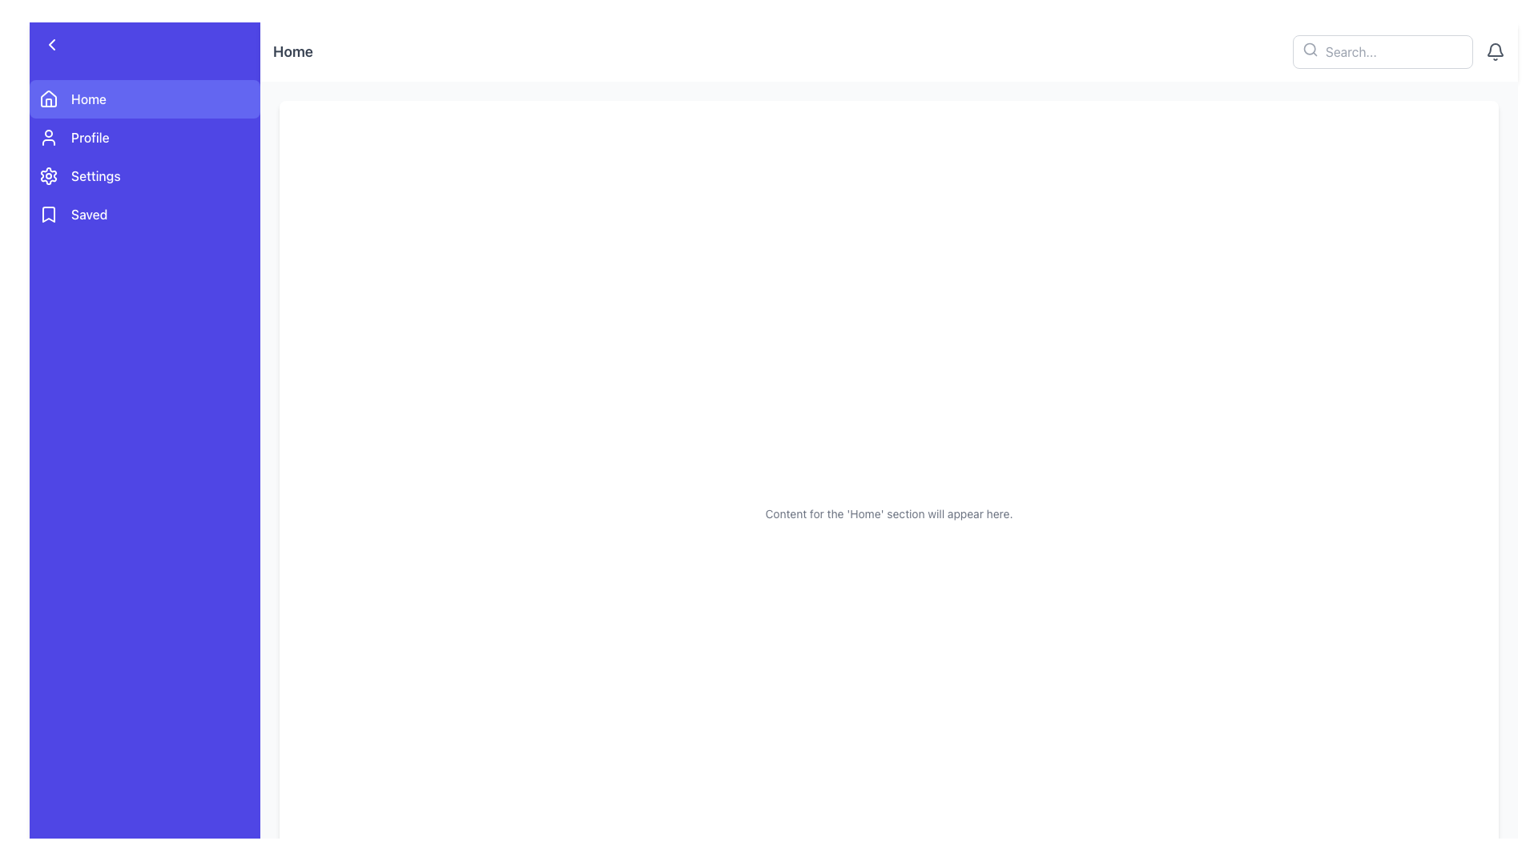 This screenshot has width=1538, height=865. I want to click on the 'Settings' text label in the navigation menu, so click(95, 175).